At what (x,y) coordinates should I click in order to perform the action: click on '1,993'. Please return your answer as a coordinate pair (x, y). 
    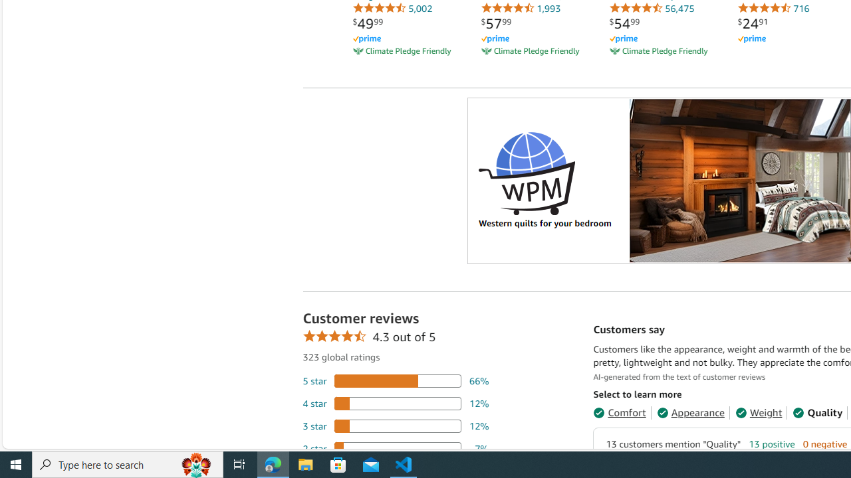
    Looking at the image, I should click on (520, 8).